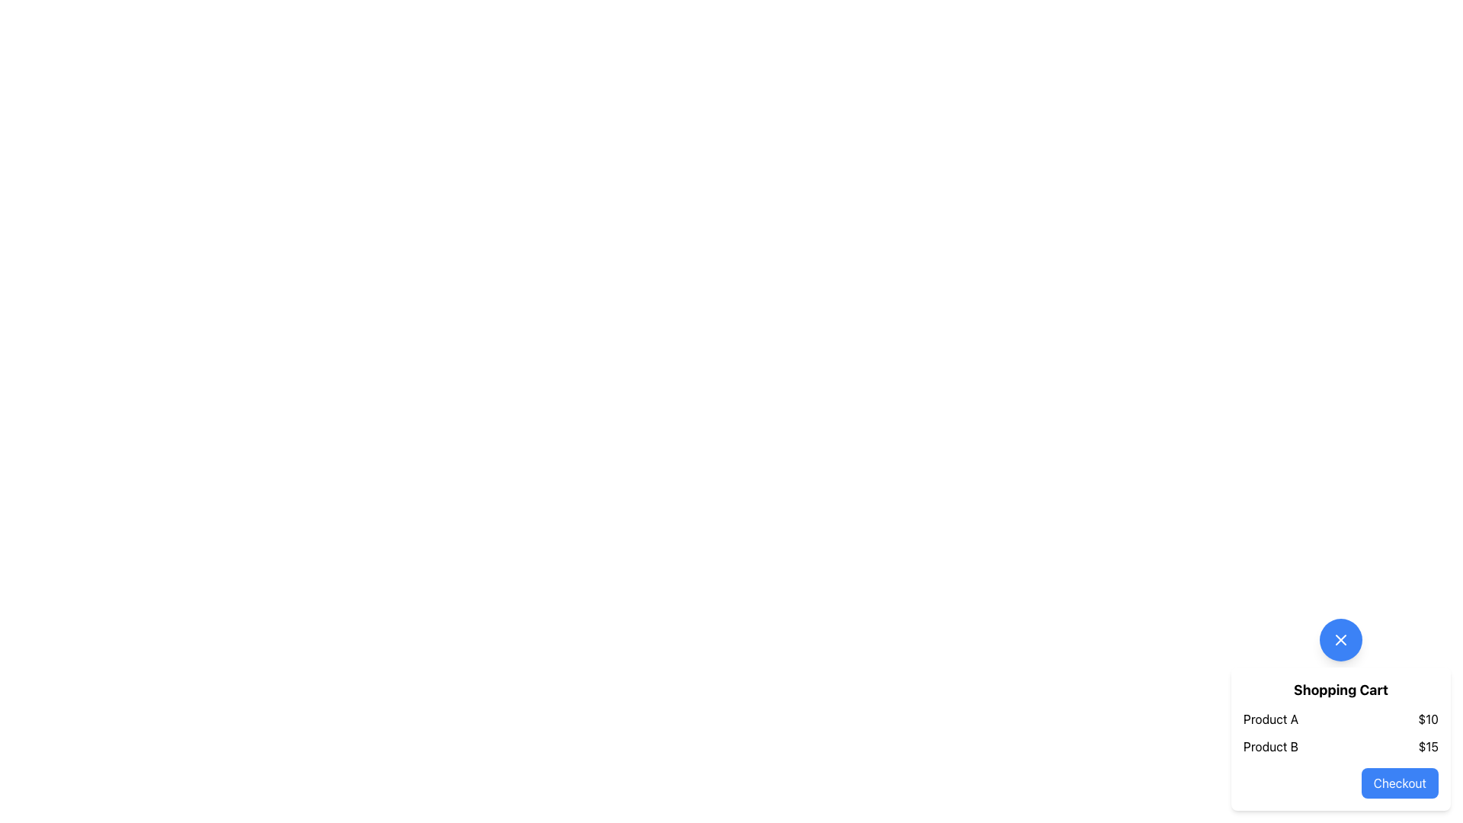  What do you see at coordinates (1400, 783) in the screenshot?
I see `the 'Checkout' button with a blue background and white text located at the bottom-right corner of the shopping cart section` at bounding box center [1400, 783].